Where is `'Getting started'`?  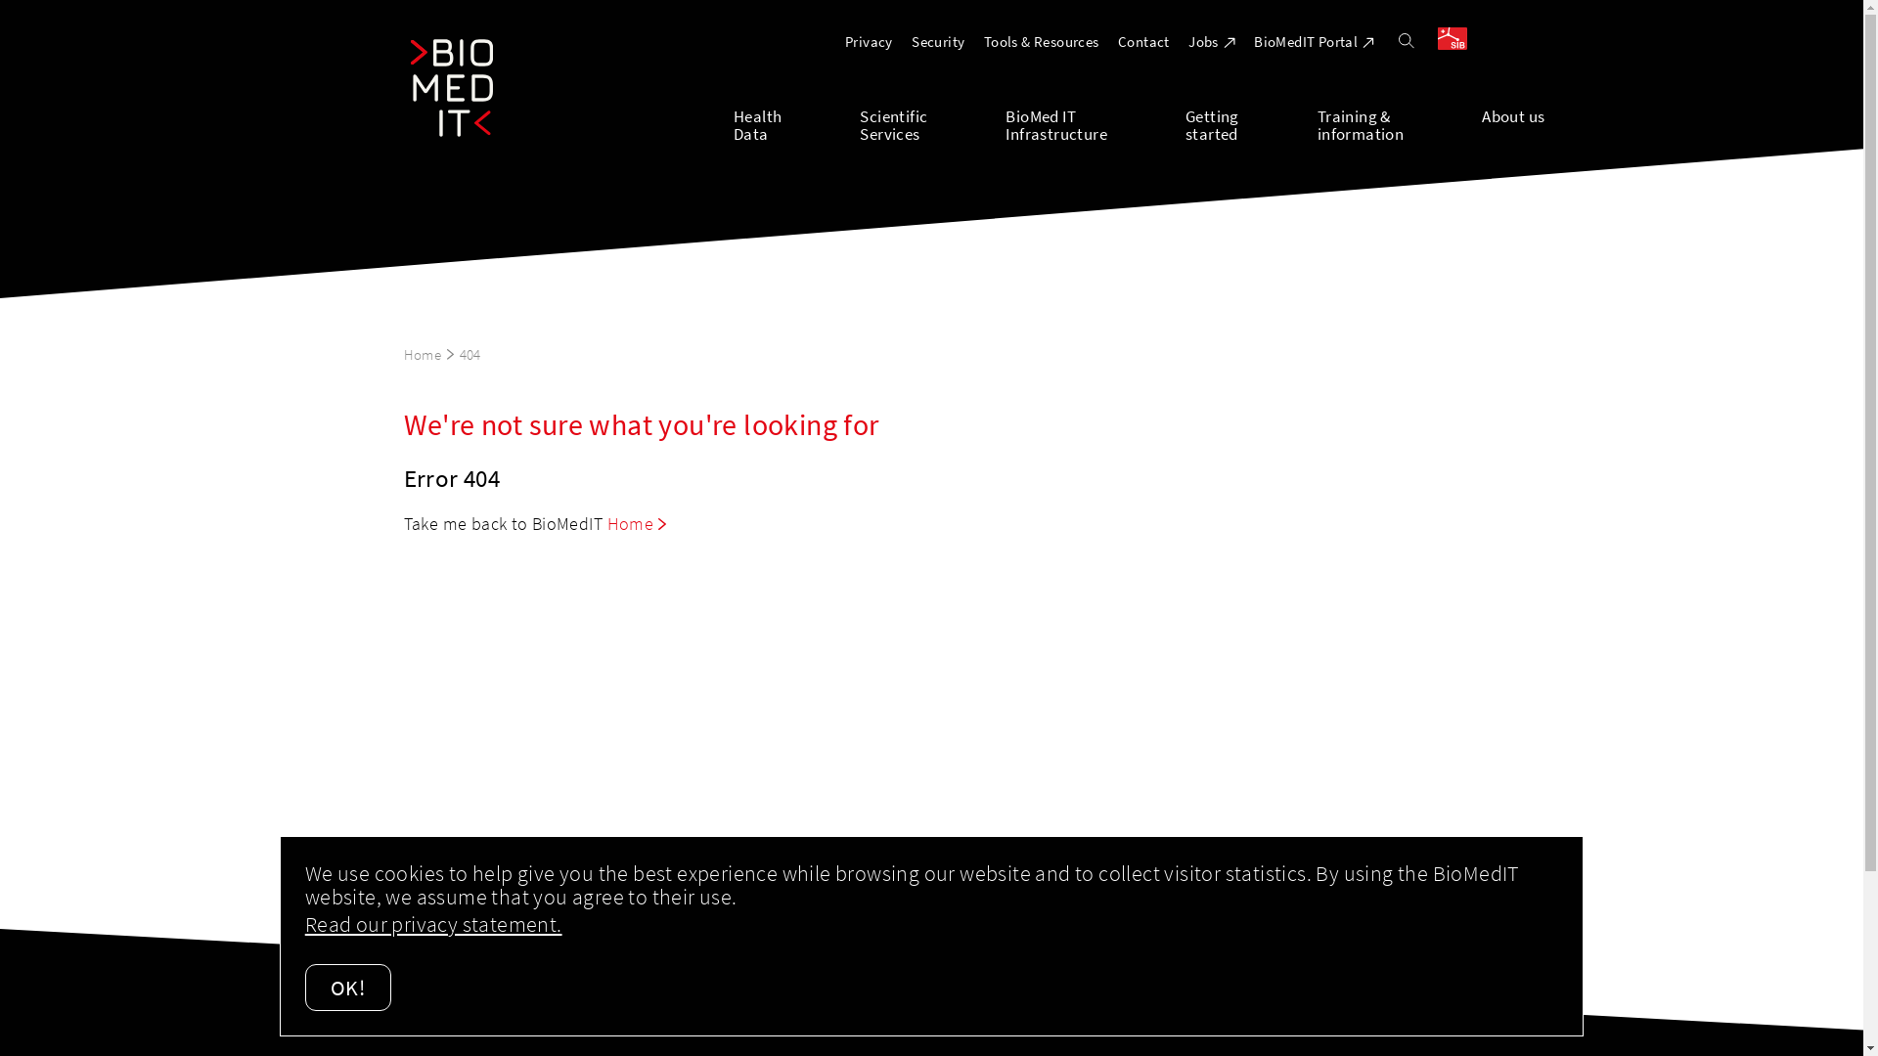
'Getting started' is located at coordinates (1250, 123).